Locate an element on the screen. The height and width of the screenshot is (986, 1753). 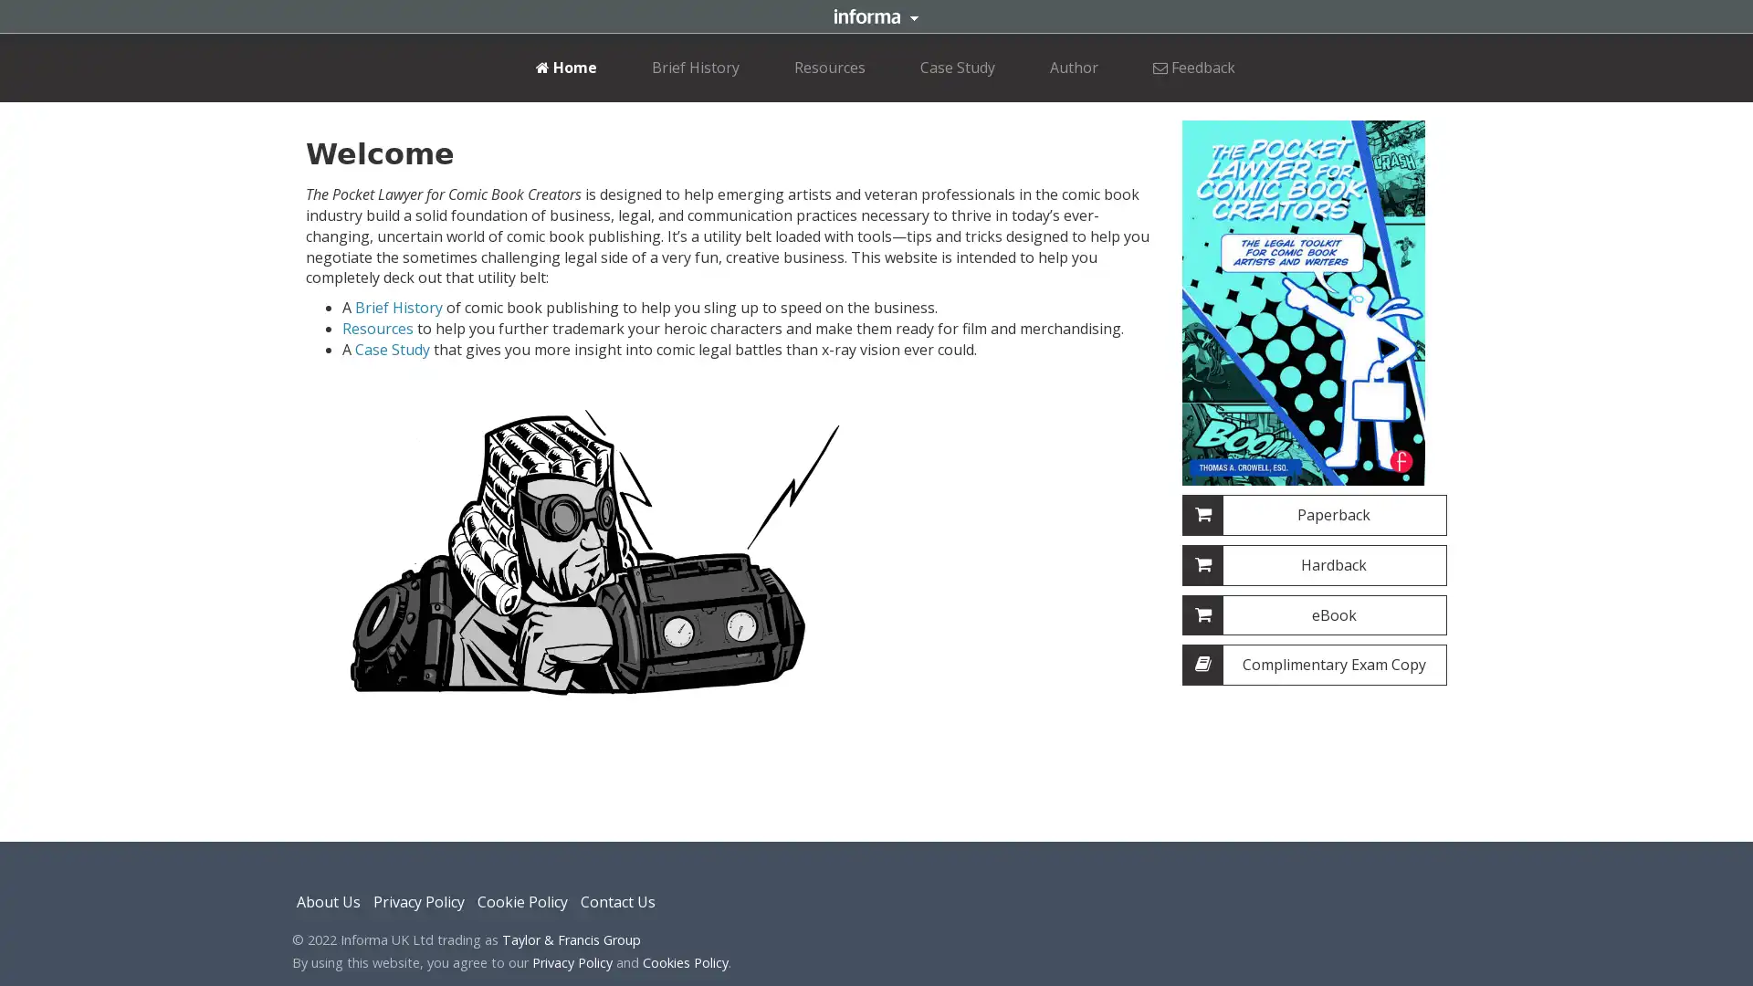
learn more about cookies is located at coordinates (86, 961).